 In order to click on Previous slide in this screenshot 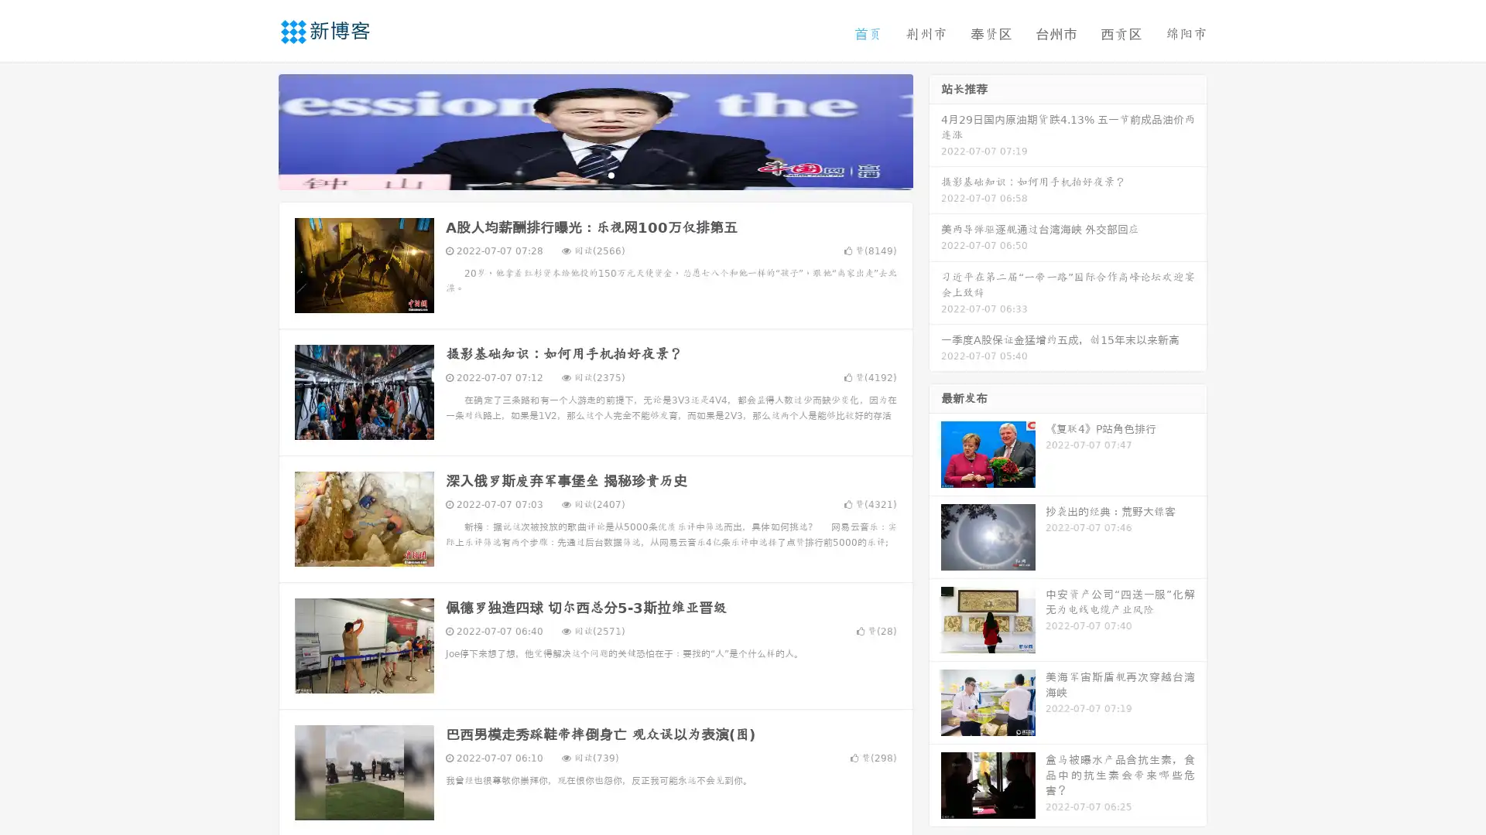, I will do `click(255, 130)`.